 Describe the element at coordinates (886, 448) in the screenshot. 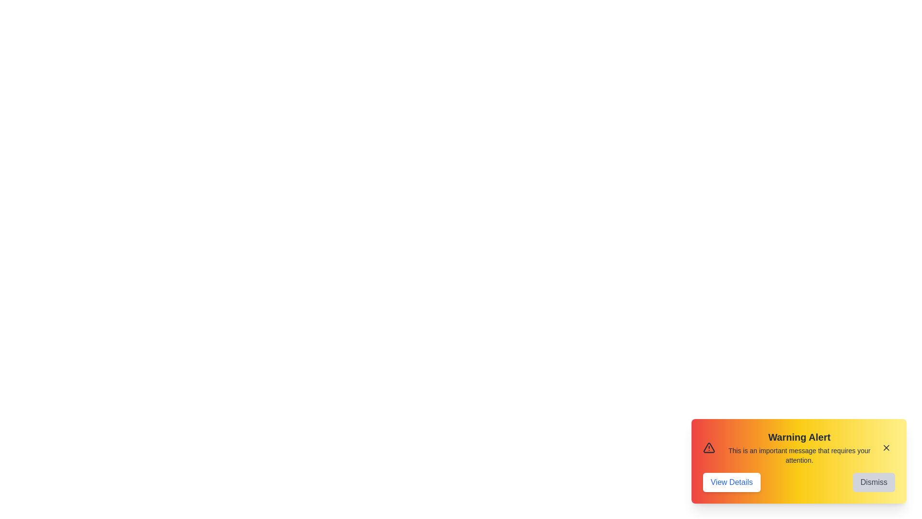

I see `the 'X' button to observe its hover effect` at that location.